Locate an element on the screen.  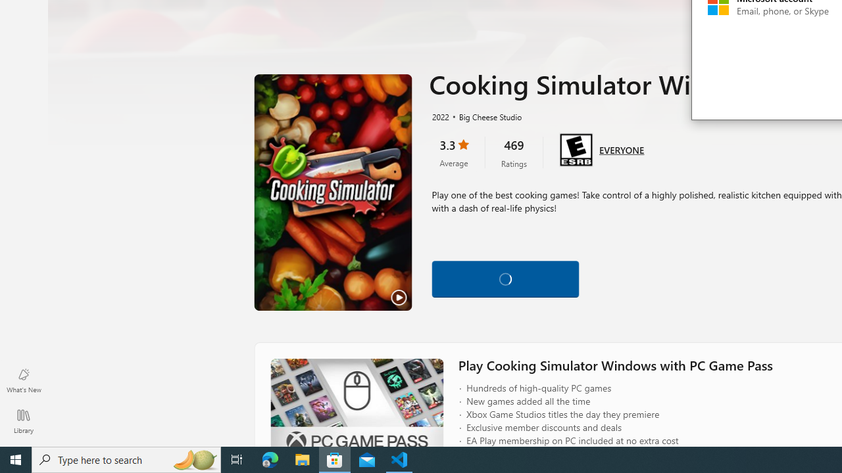
'Type here to search' is located at coordinates (126, 459).